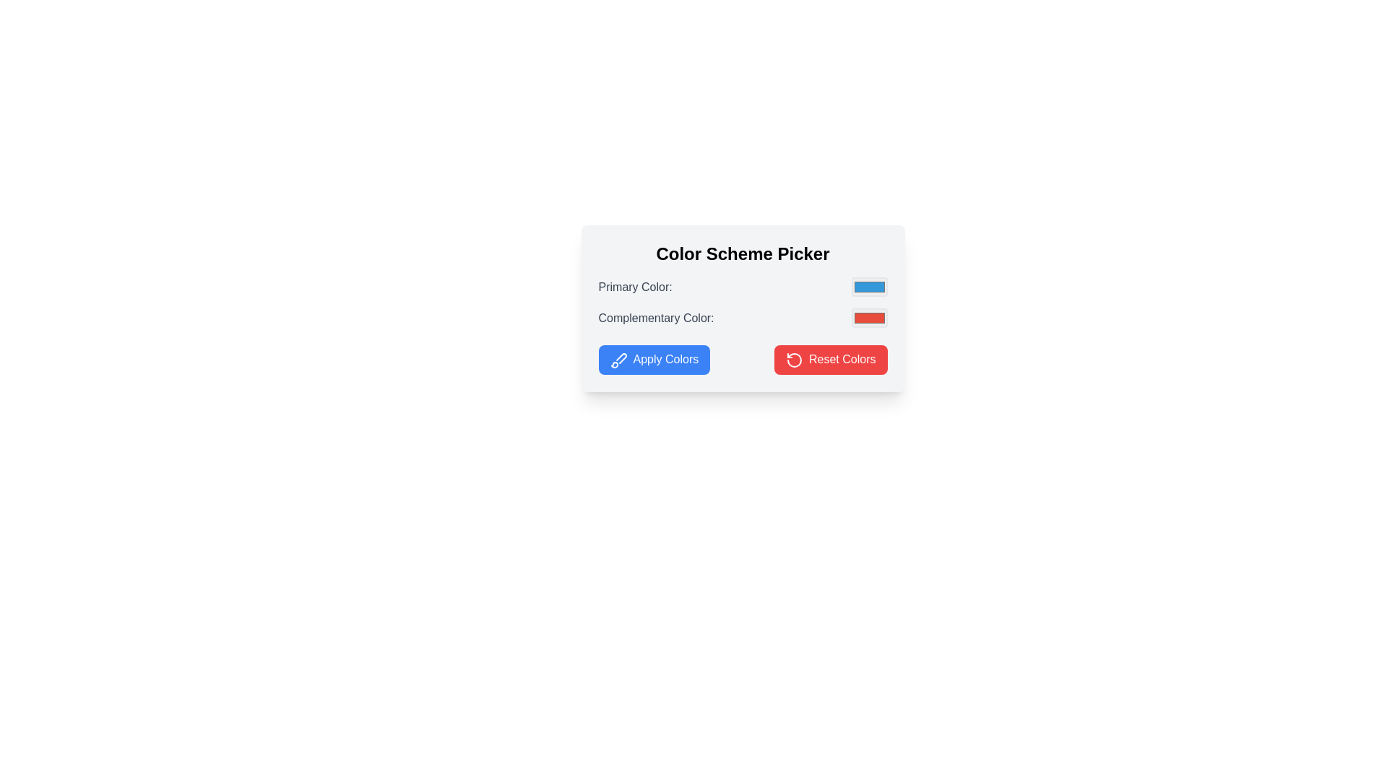  What do you see at coordinates (635, 287) in the screenshot?
I see `the 'Primary Color:' label, which is styled in gray font and located in the upper portion of the 'Color Scheme Picker' UI card` at bounding box center [635, 287].